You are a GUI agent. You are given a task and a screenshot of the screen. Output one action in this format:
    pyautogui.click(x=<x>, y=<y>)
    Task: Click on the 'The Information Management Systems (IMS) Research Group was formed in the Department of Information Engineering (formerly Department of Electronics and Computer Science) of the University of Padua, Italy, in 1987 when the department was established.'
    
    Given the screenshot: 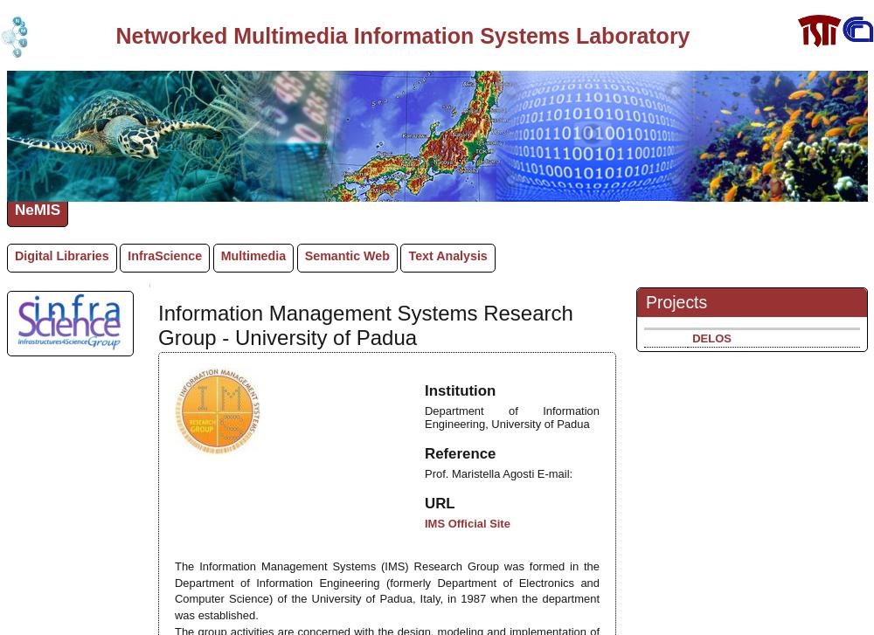 What is the action you would take?
    pyautogui.click(x=386, y=589)
    